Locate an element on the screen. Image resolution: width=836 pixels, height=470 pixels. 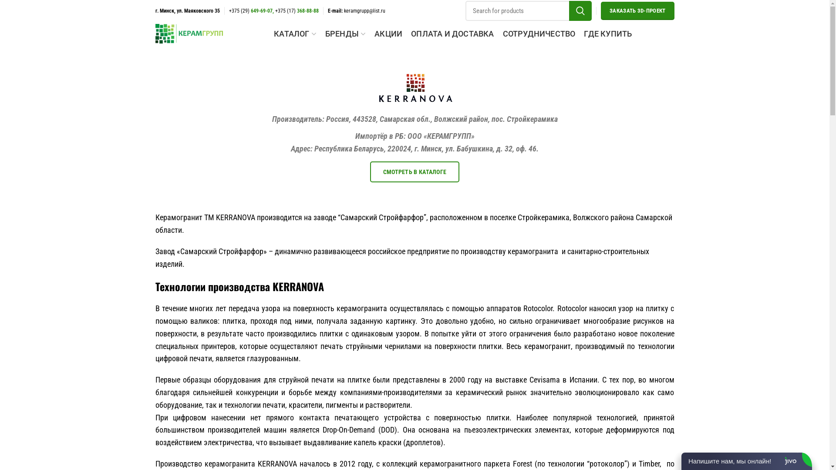
'SEARCH' is located at coordinates (580, 10).